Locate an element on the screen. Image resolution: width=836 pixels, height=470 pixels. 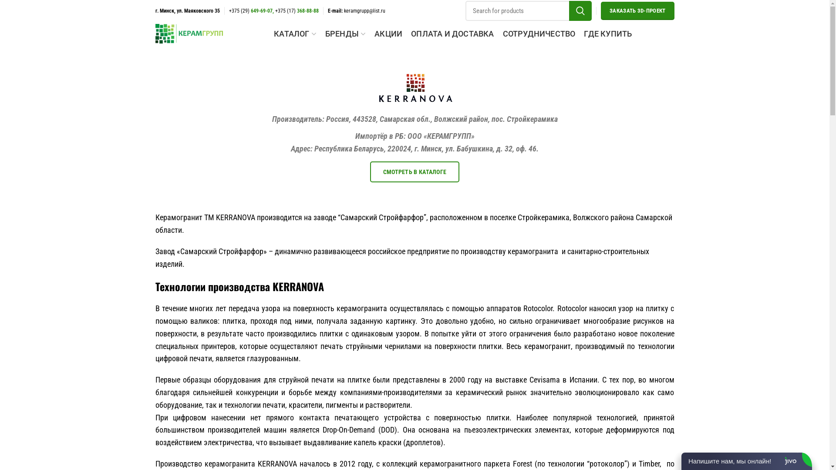
'SEARCH' is located at coordinates (580, 10).